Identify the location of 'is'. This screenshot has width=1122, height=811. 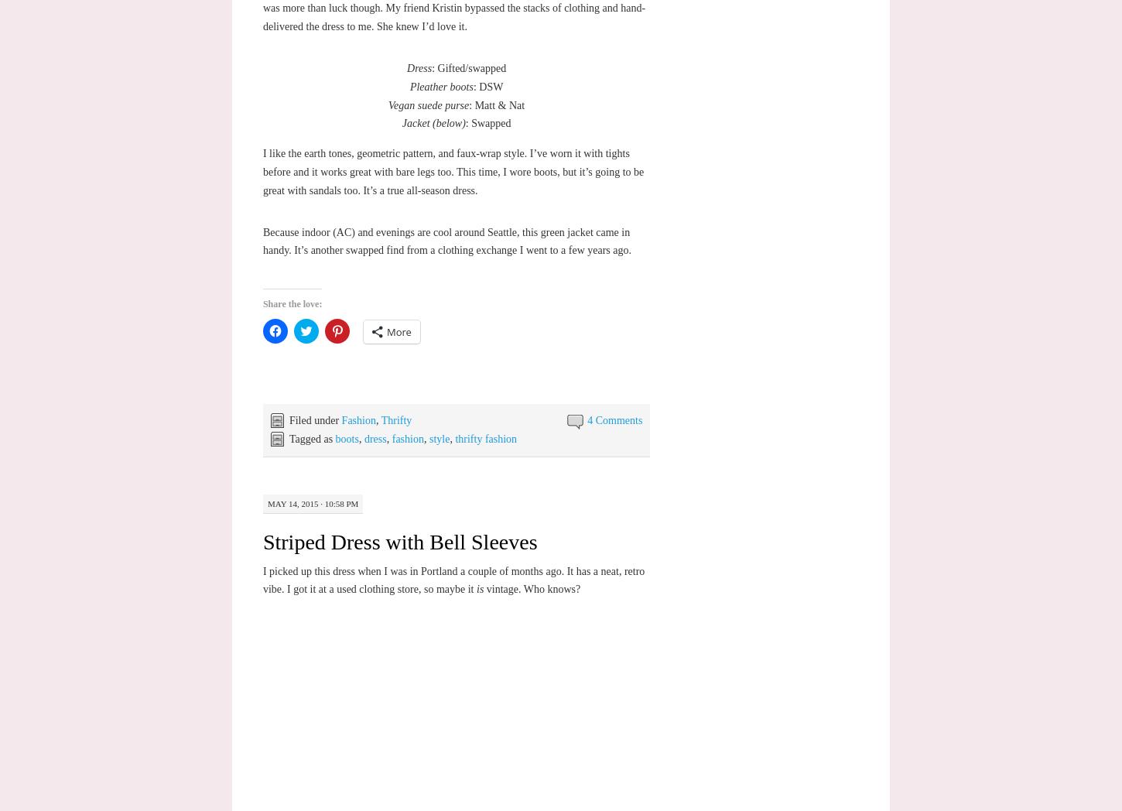
(479, 589).